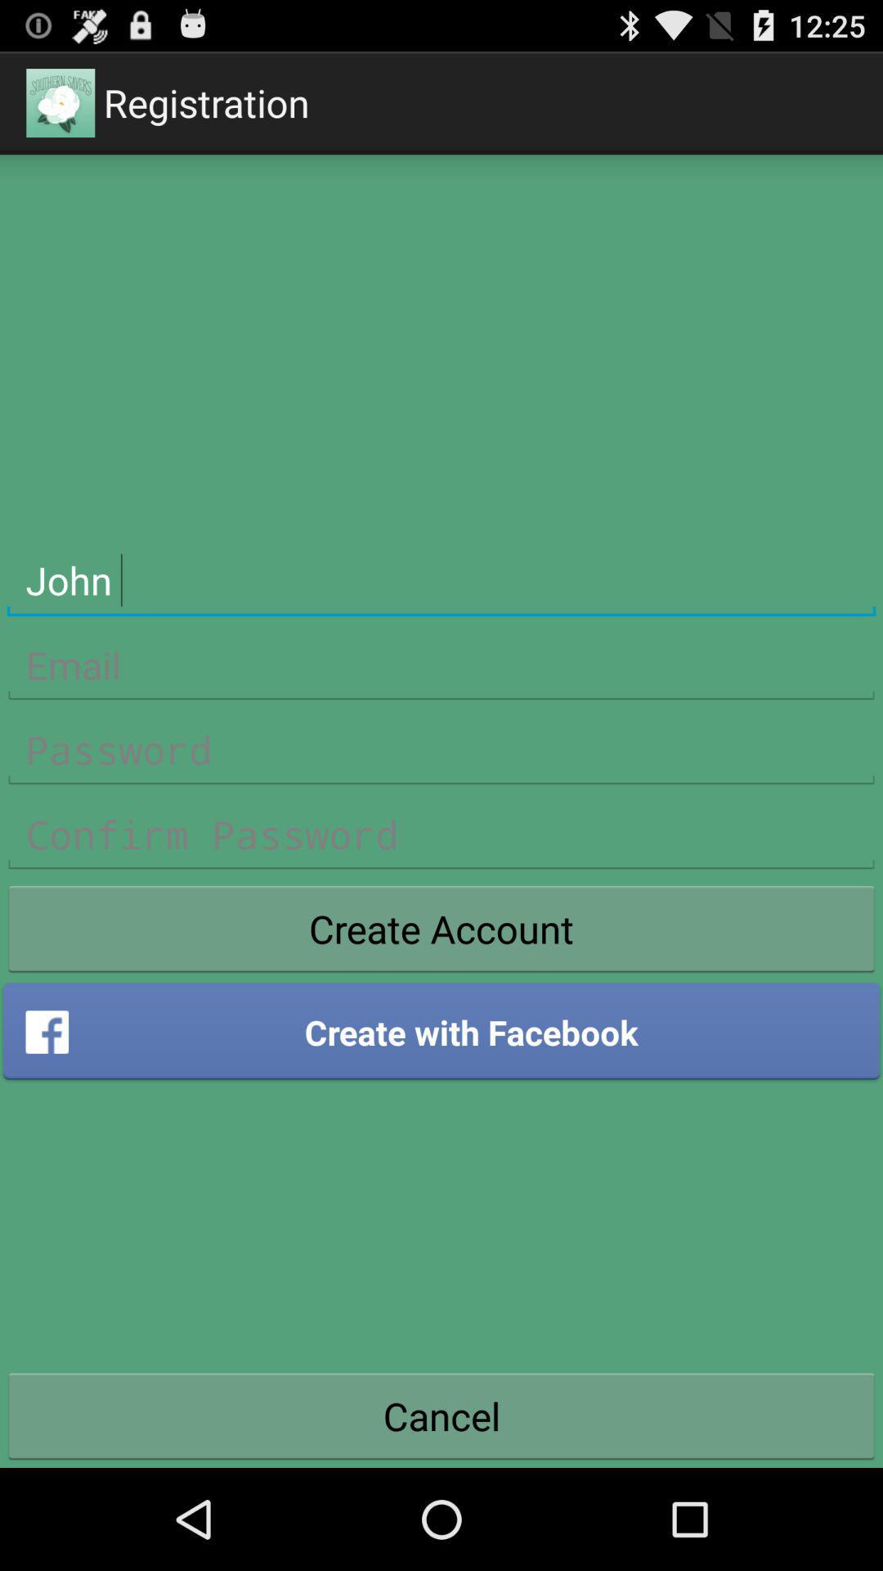 The image size is (883, 1571). I want to click on login password, so click(441, 749).